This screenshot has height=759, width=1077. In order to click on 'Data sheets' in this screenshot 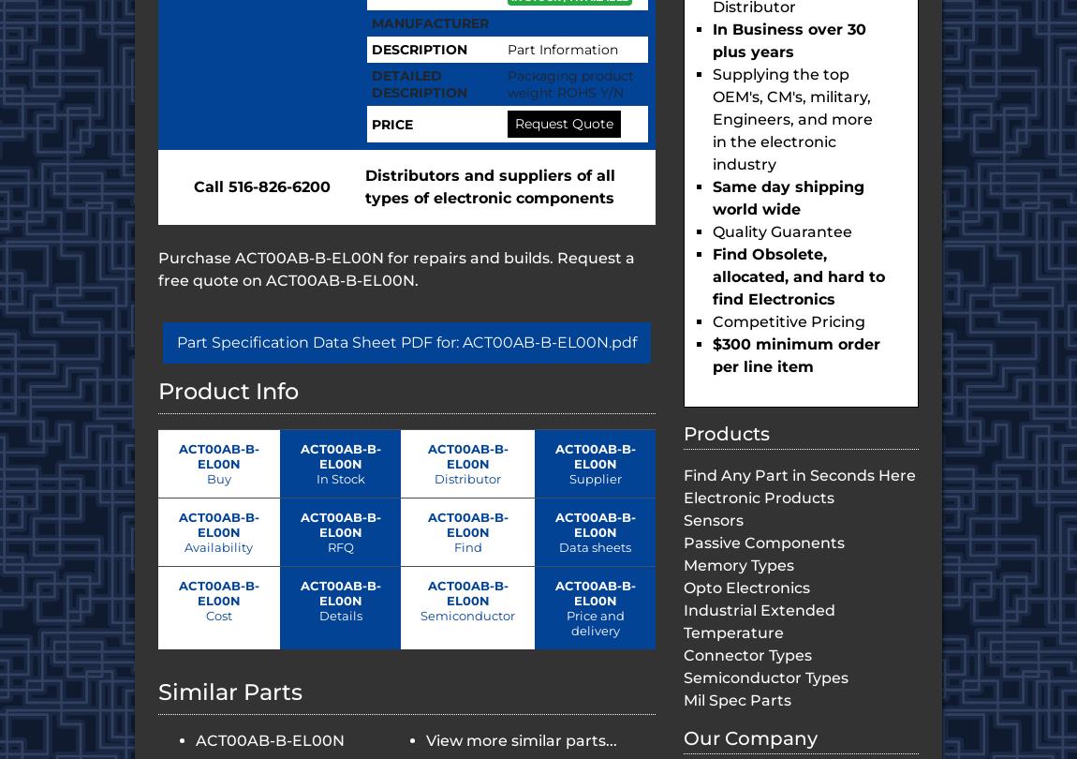, I will do `click(557, 546)`.